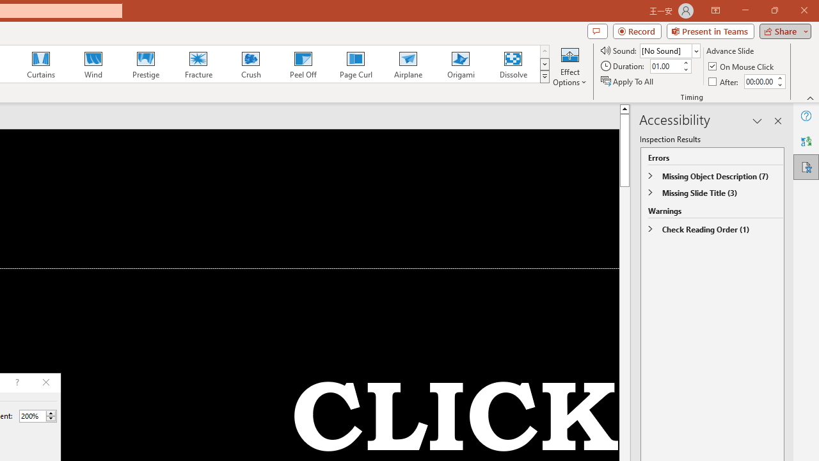 The image size is (819, 461). What do you see at coordinates (407, 64) in the screenshot?
I see `'Airplane'` at bounding box center [407, 64].